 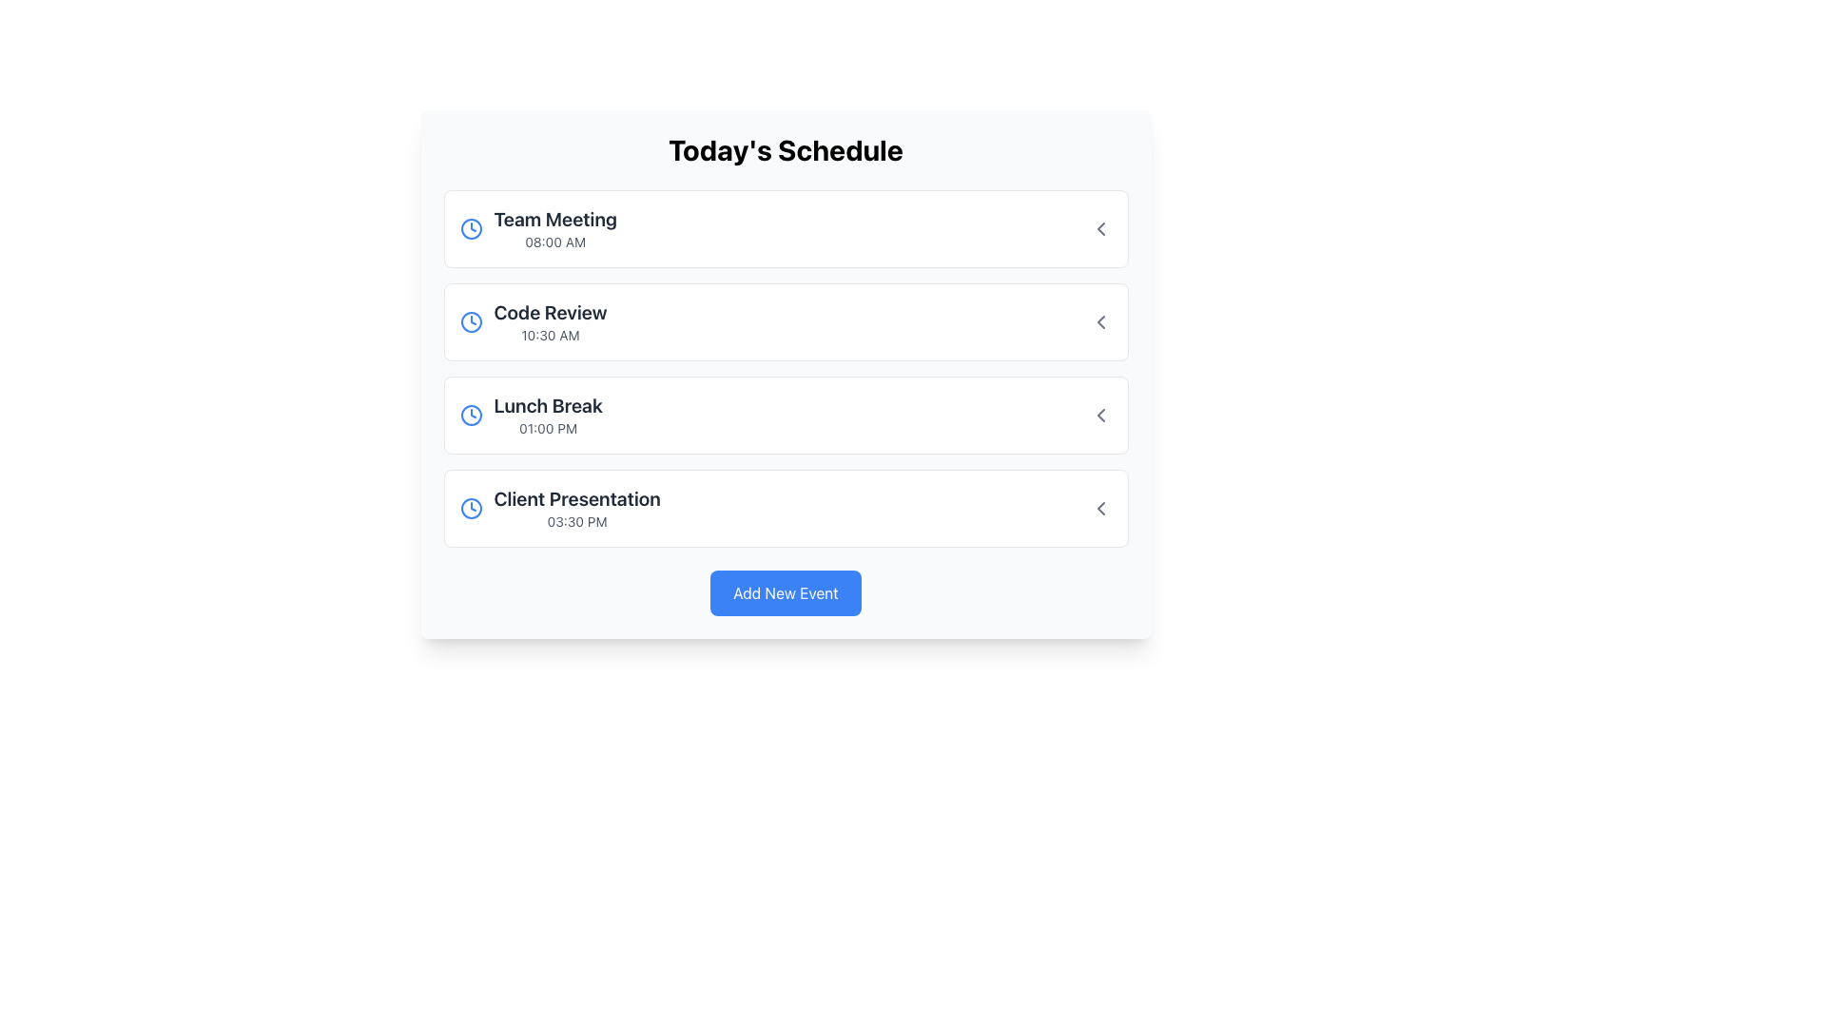 I want to click on the decorative and informational icon located at the beginning of the schedule entry labeled 'Code Review', which is the second entry from the top, positioned to the left of 'Code Review' and above '10:30 AM', so click(x=471, y=321).